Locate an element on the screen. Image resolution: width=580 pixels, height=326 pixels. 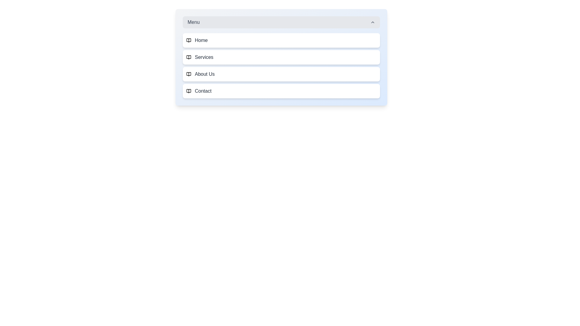
the 'Contact' text label, which is the fourth item in a vertical menu list below 'Home', 'Services', and 'About Us' is located at coordinates (203, 91).